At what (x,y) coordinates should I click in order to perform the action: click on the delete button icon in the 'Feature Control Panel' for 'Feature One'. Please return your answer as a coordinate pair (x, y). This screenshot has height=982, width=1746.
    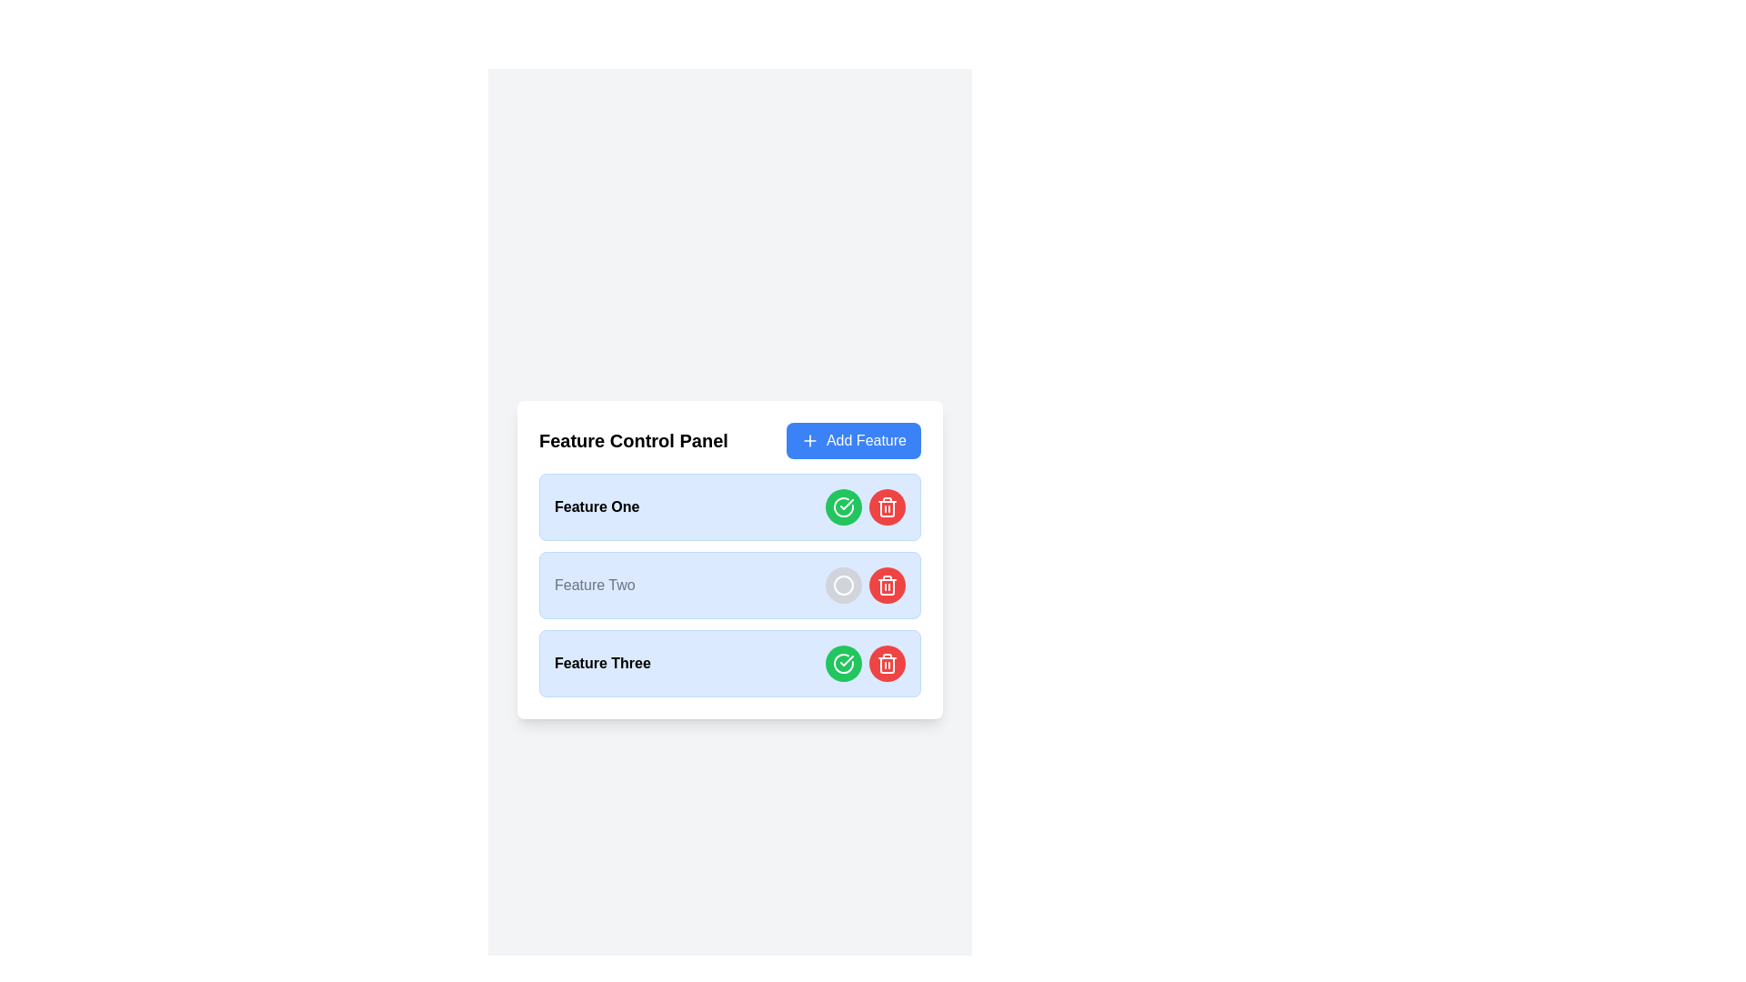
    Looking at the image, I should click on (887, 507).